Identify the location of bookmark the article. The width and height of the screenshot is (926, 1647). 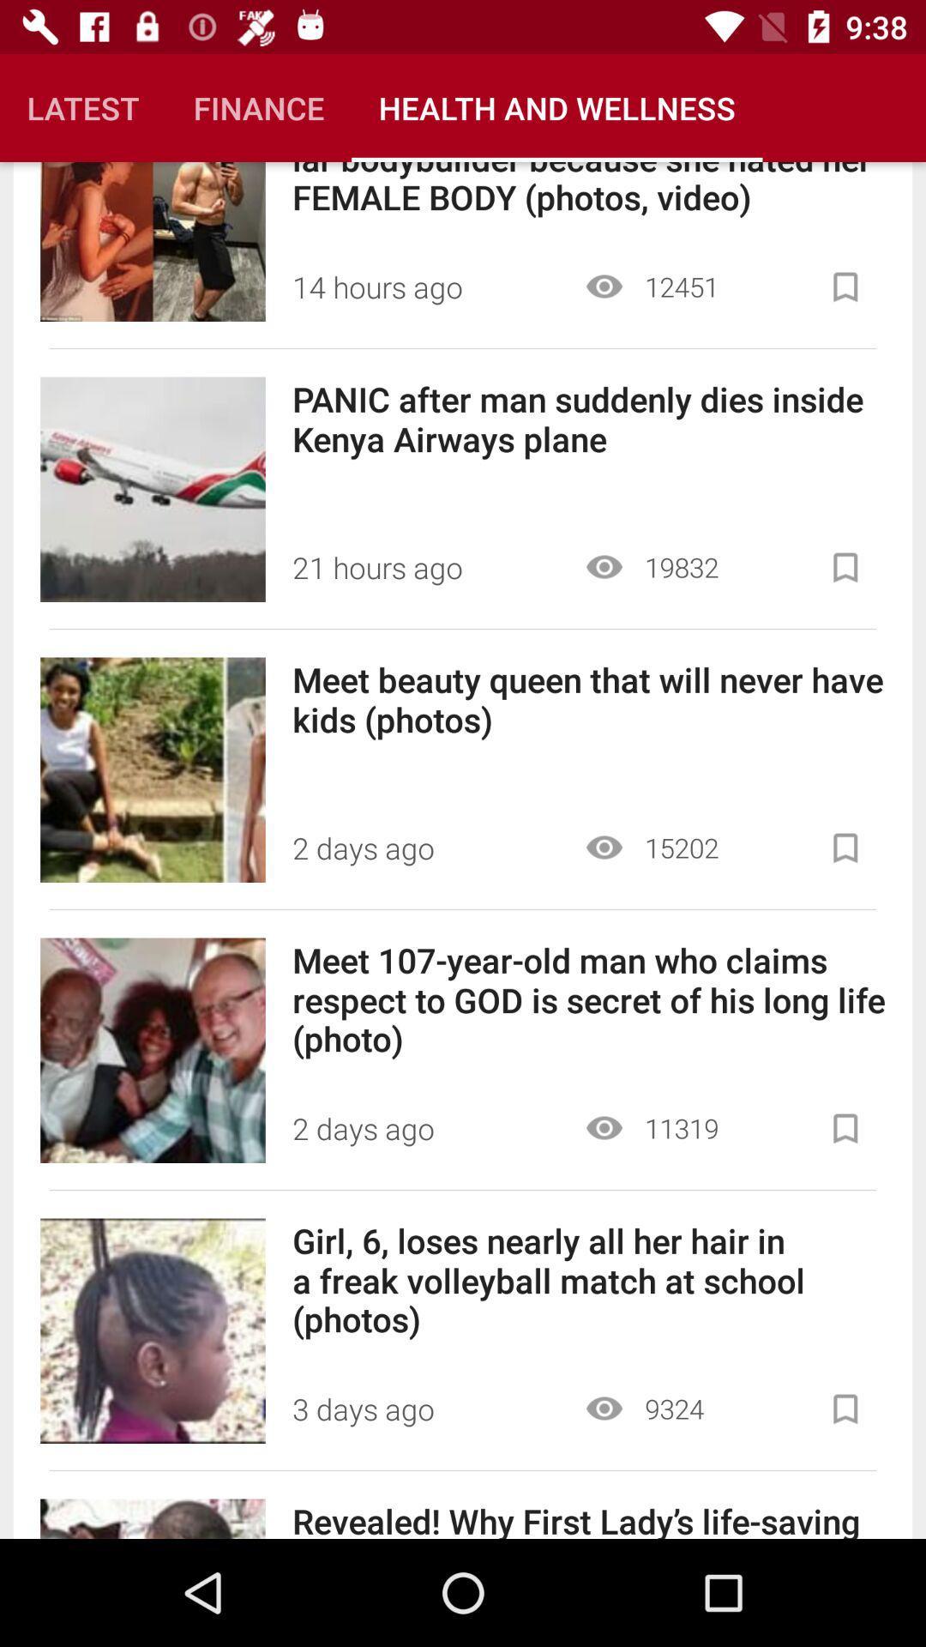
(845, 567).